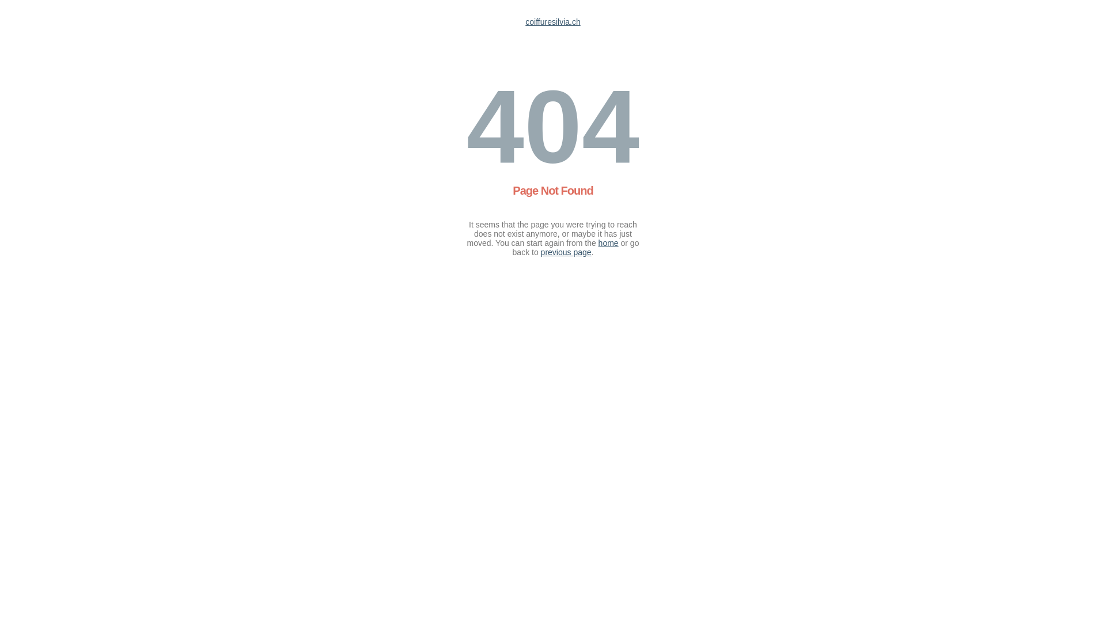  What do you see at coordinates (552, 22) in the screenshot?
I see `'coiffuresilvia.ch'` at bounding box center [552, 22].